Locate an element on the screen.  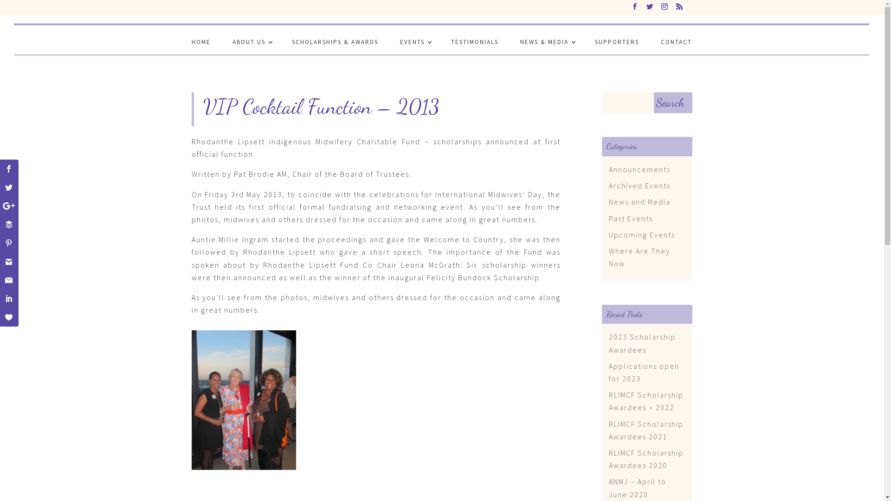
'Applications open for 2023' is located at coordinates (643, 372).